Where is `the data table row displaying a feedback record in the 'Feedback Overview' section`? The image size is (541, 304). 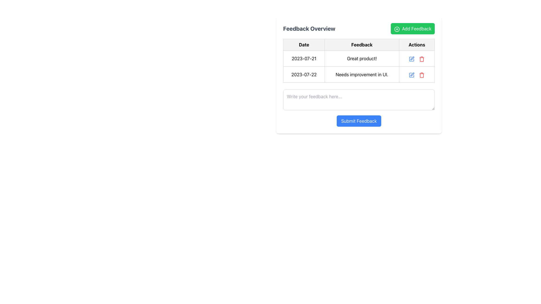 the data table row displaying a feedback record in the 'Feedback Overview' section is located at coordinates (358, 61).